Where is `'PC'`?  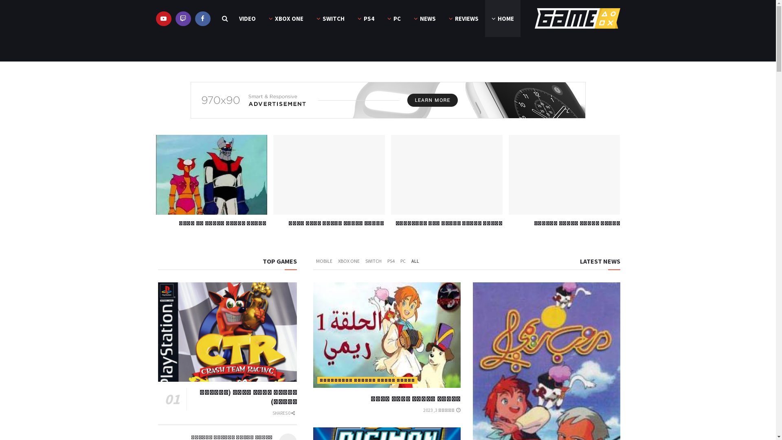
'PC' is located at coordinates (380, 18).